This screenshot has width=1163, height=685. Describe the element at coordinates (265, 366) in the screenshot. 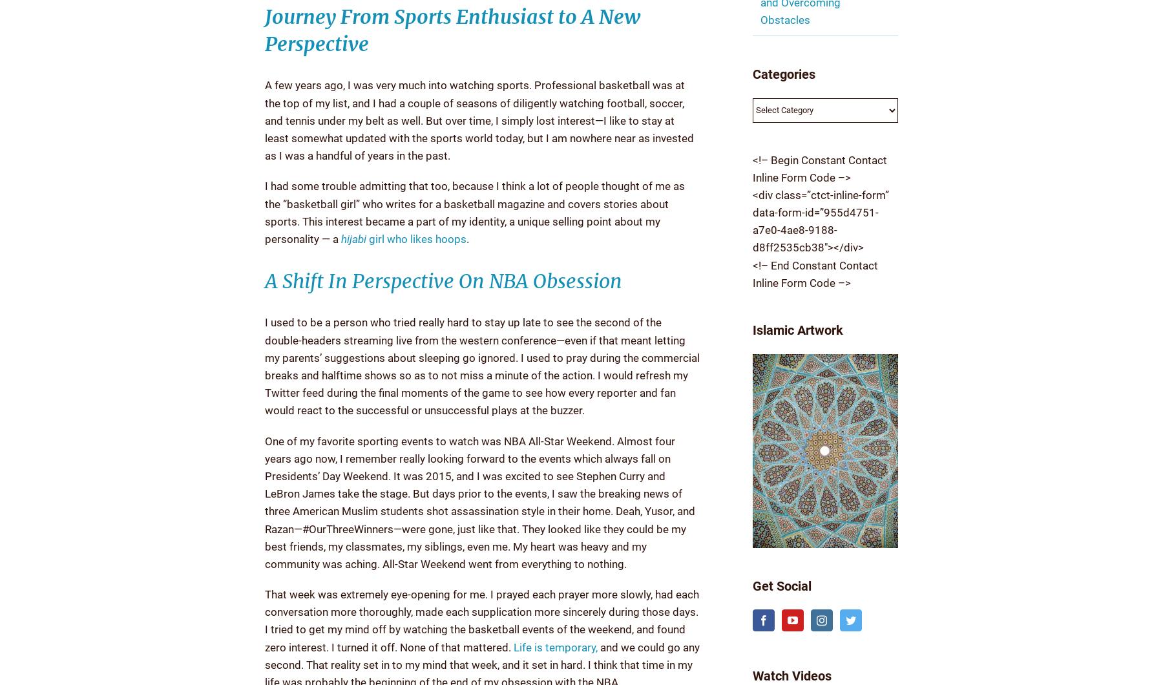

I see `'I used to be a person who tried really hard to stay up late to see the second of the double-headers streaming live from the western conference—even if that meant letting my parents’ suggestions about sleeping go ignored. I used to pray during the commercial breaks and halftime shows so as to not miss a minute of the action. I would refresh my Twitter feed during the final moments of the game to see how every reporter and fan would react to the successful or unsuccessful plays at the buzzer.'` at that location.